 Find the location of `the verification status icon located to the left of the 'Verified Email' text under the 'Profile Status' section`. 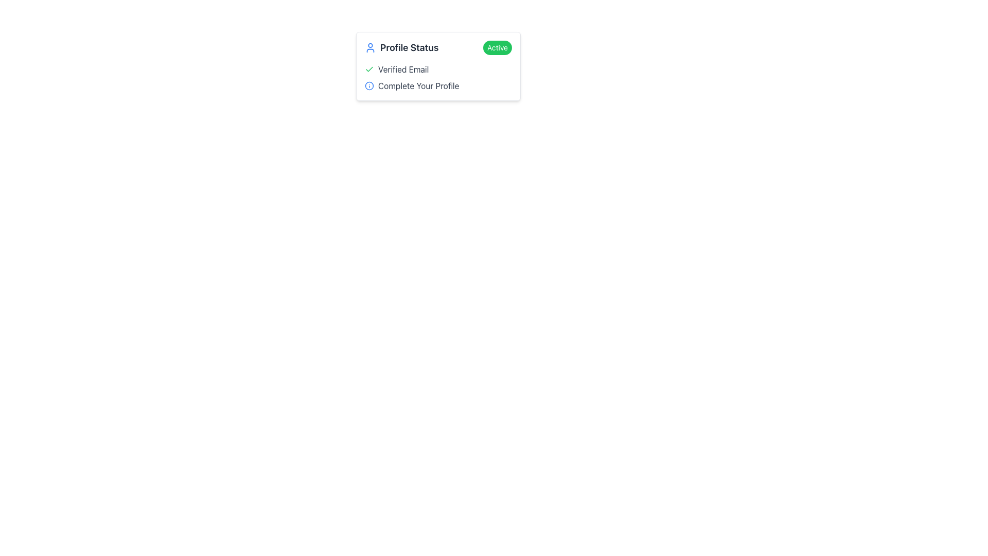

the verification status icon located to the left of the 'Verified Email' text under the 'Profile Status' section is located at coordinates (369, 69).